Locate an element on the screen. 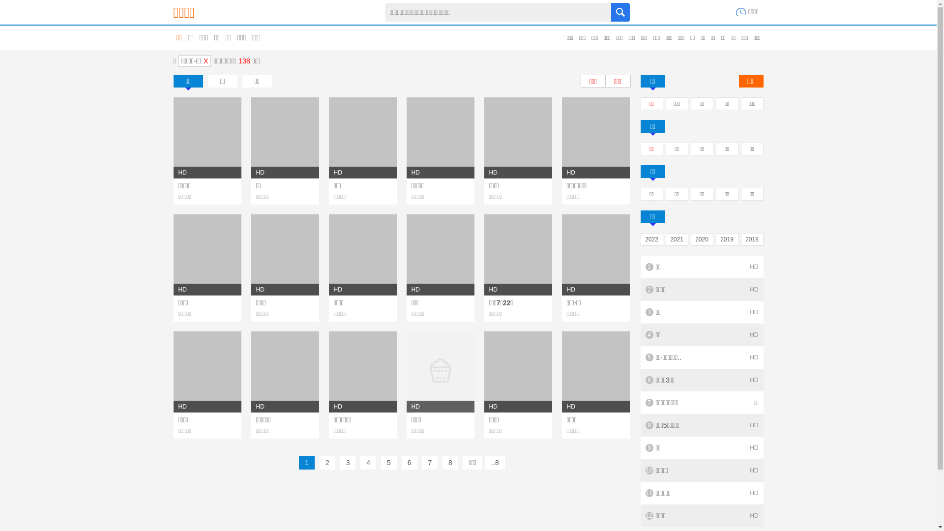 This screenshot has width=944, height=531. '5' is located at coordinates (380, 463).